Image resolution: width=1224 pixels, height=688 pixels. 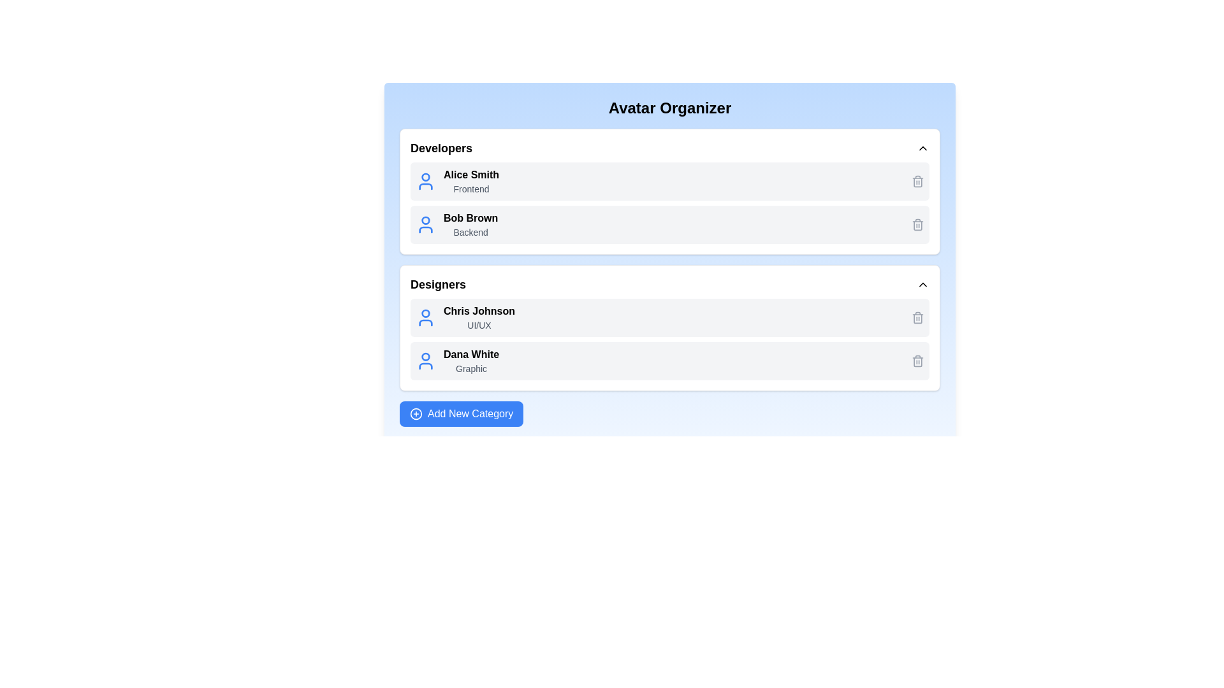 What do you see at coordinates (441, 147) in the screenshot?
I see `the 'Developers' text label, which serves as a heading for the section containing the developers' category` at bounding box center [441, 147].